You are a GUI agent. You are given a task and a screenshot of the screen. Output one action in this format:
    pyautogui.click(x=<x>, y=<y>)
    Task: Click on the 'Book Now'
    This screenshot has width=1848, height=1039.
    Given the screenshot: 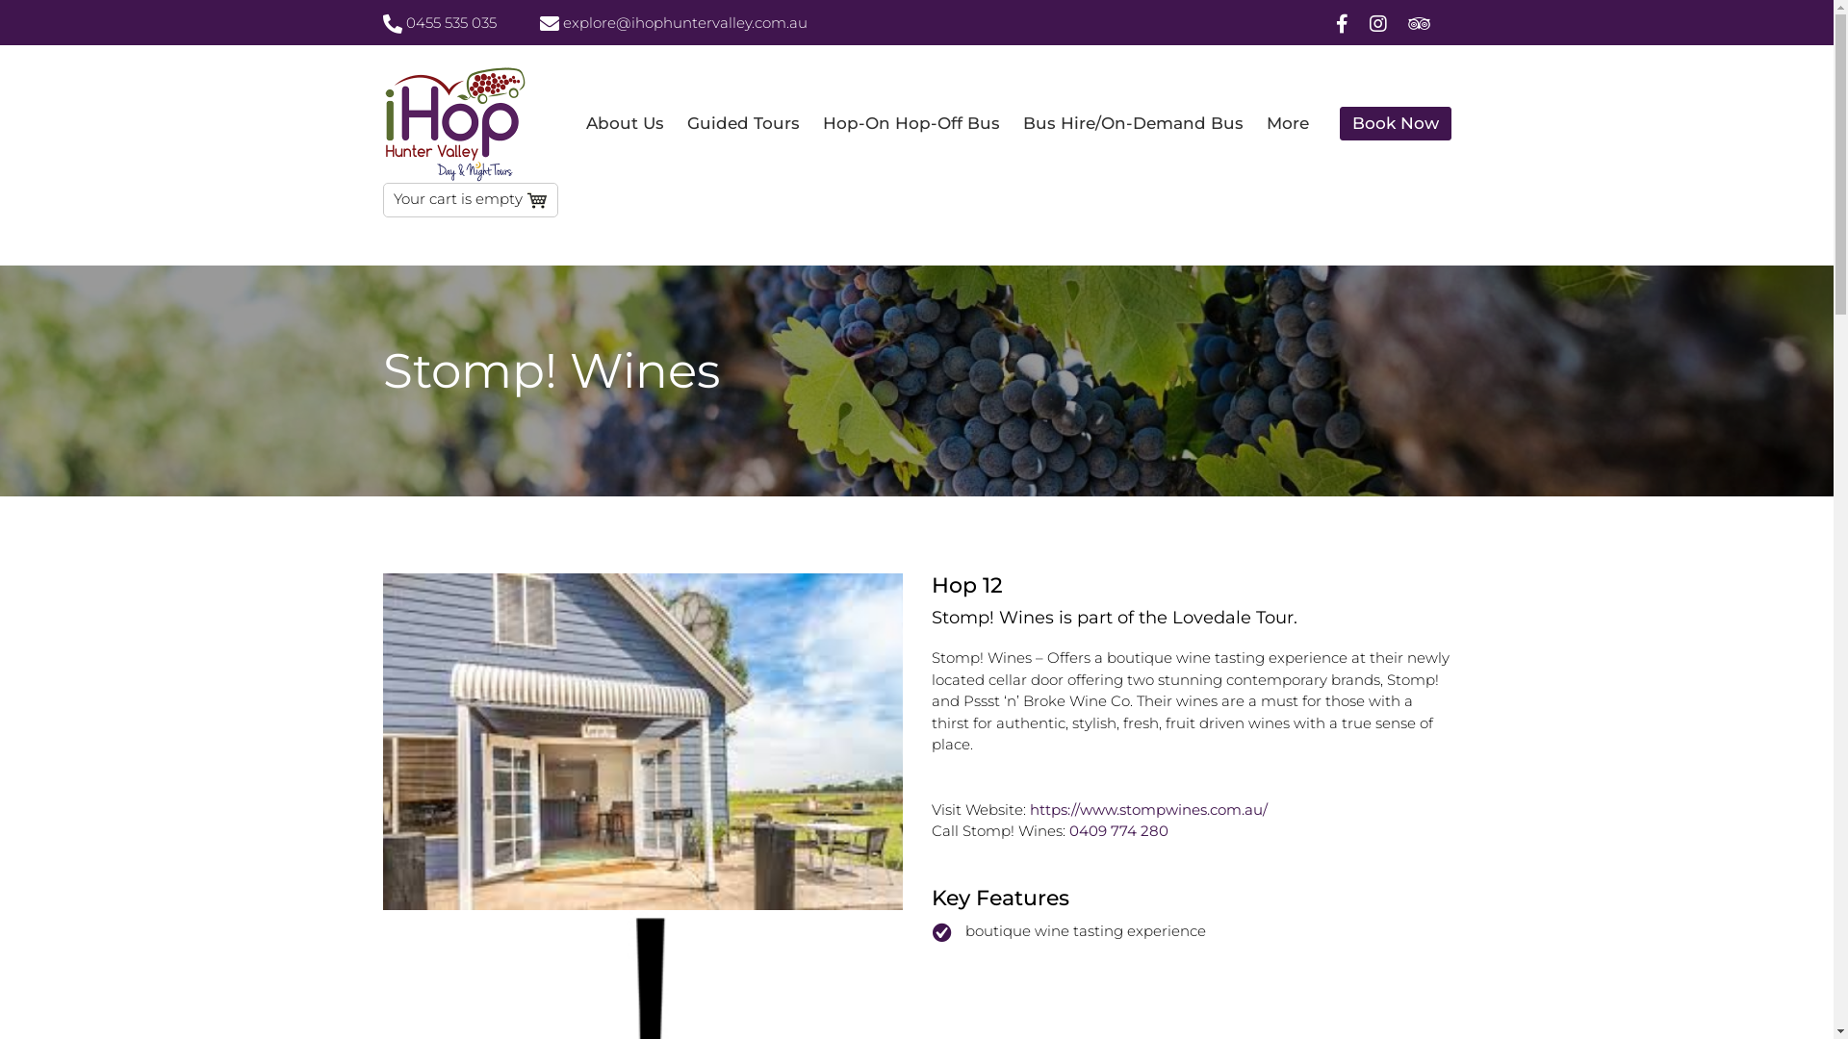 What is the action you would take?
    pyautogui.click(x=1395, y=123)
    